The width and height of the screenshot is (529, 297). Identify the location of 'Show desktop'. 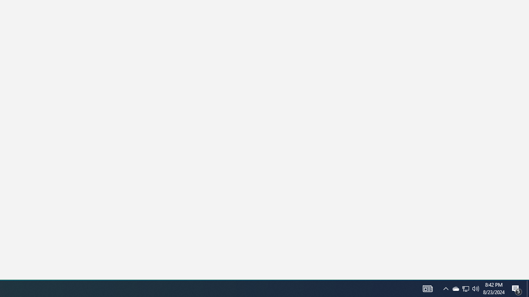
(527, 288).